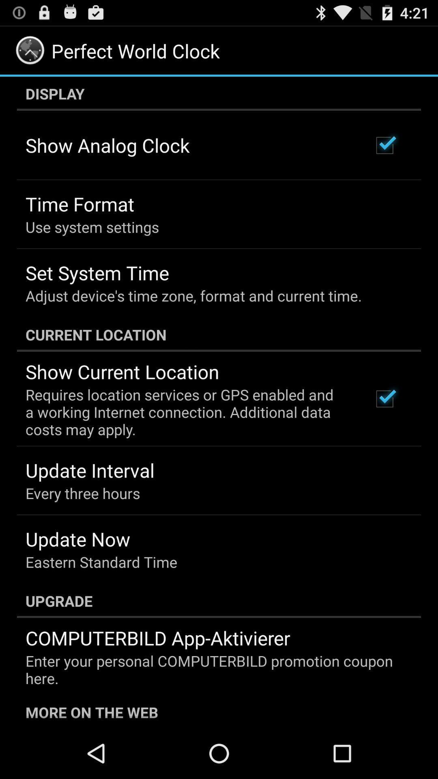 The width and height of the screenshot is (438, 779). What do you see at coordinates (92, 227) in the screenshot?
I see `use system settings` at bounding box center [92, 227].